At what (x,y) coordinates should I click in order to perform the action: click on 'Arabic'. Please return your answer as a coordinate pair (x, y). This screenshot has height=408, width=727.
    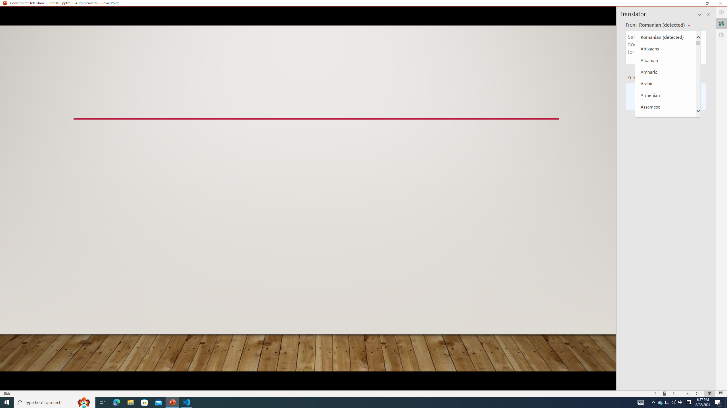
    Looking at the image, I should click on (665, 83).